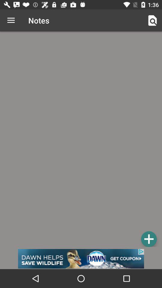 The image size is (162, 288). What do you see at coordinates (81, 258) in the screenshot?
I see `adversitment` at bounding box center [81, 258].